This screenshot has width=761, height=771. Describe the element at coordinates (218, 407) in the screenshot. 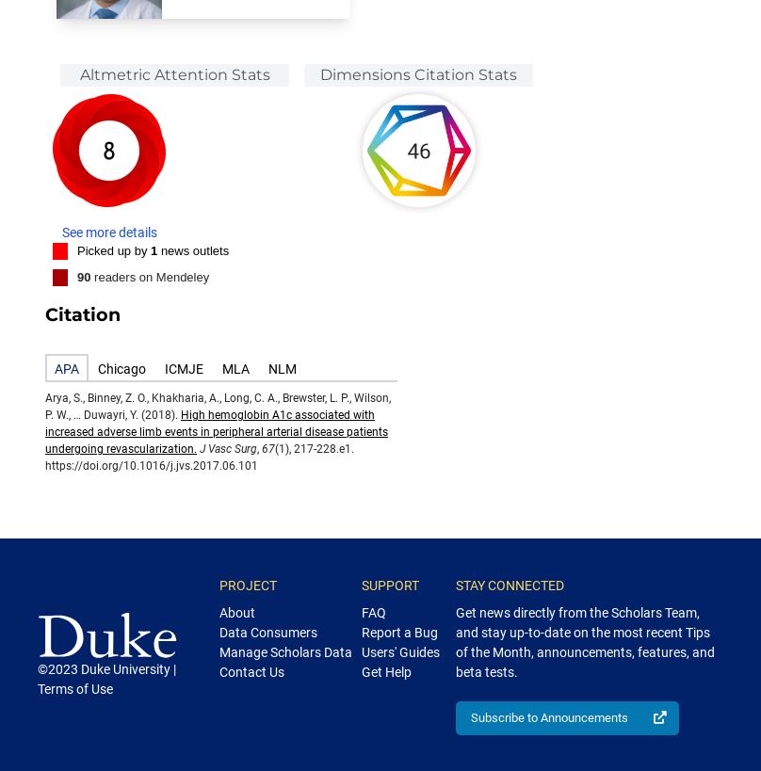

I see `'Arya, S., Binney, Z. O., Khakharia, A., Long, C. A., Brewster, L. P., Wilson, P. W., … Duwayri, Y. (2018).'` at that location.